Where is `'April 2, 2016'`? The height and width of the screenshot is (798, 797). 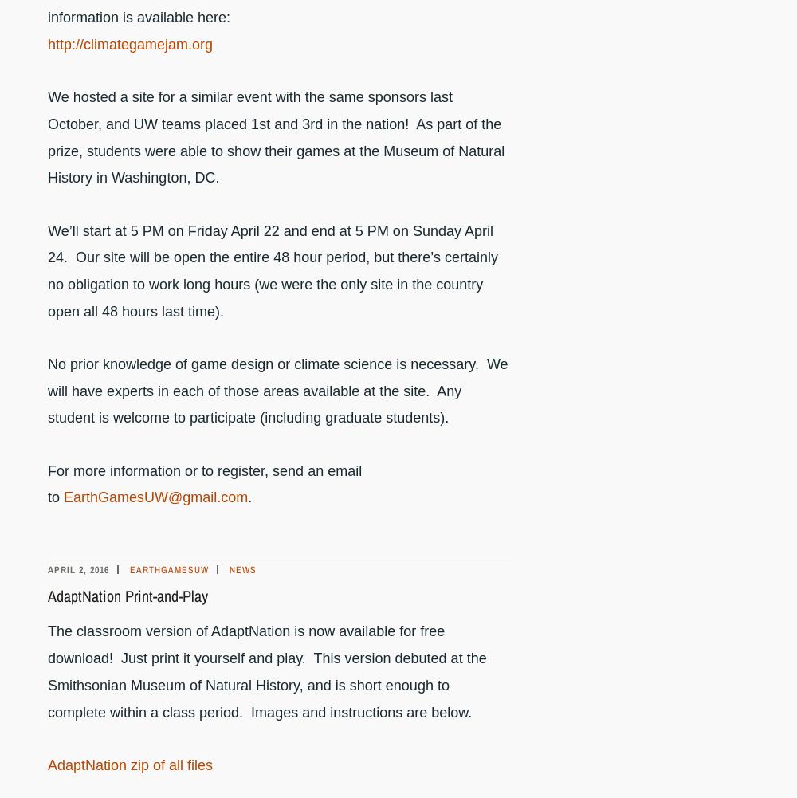 'April 2, 2016' is located at coordinates (77, 570).